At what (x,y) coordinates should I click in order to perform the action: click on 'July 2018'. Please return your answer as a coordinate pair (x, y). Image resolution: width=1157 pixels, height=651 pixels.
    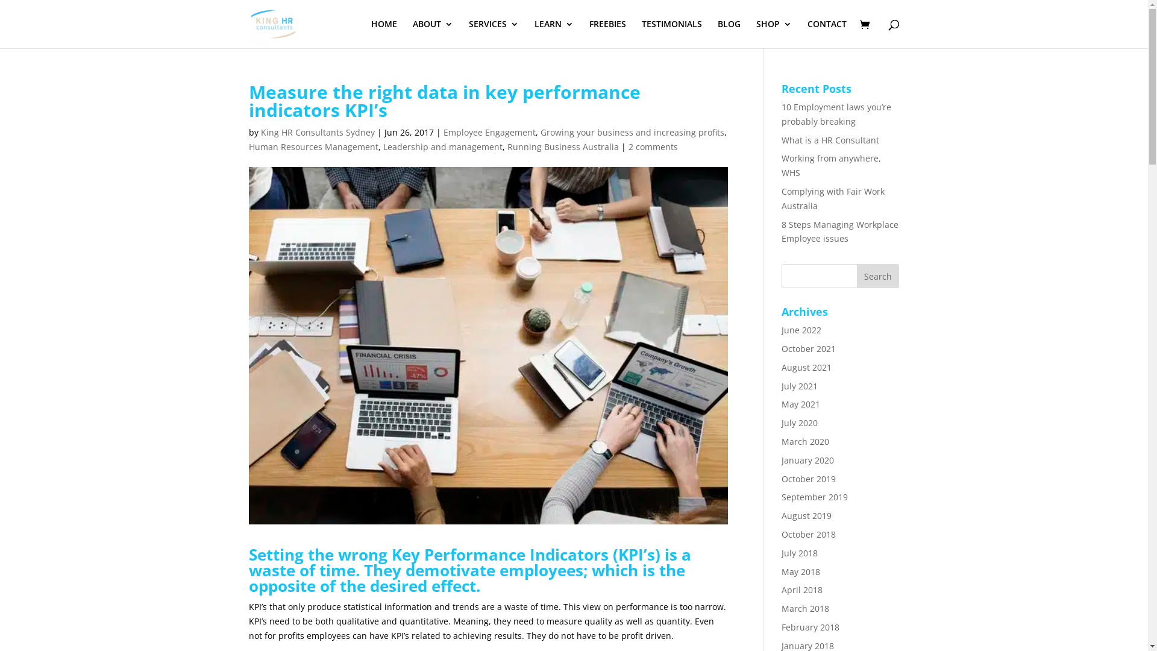
    Looking at the image, I should click on (799, 553).